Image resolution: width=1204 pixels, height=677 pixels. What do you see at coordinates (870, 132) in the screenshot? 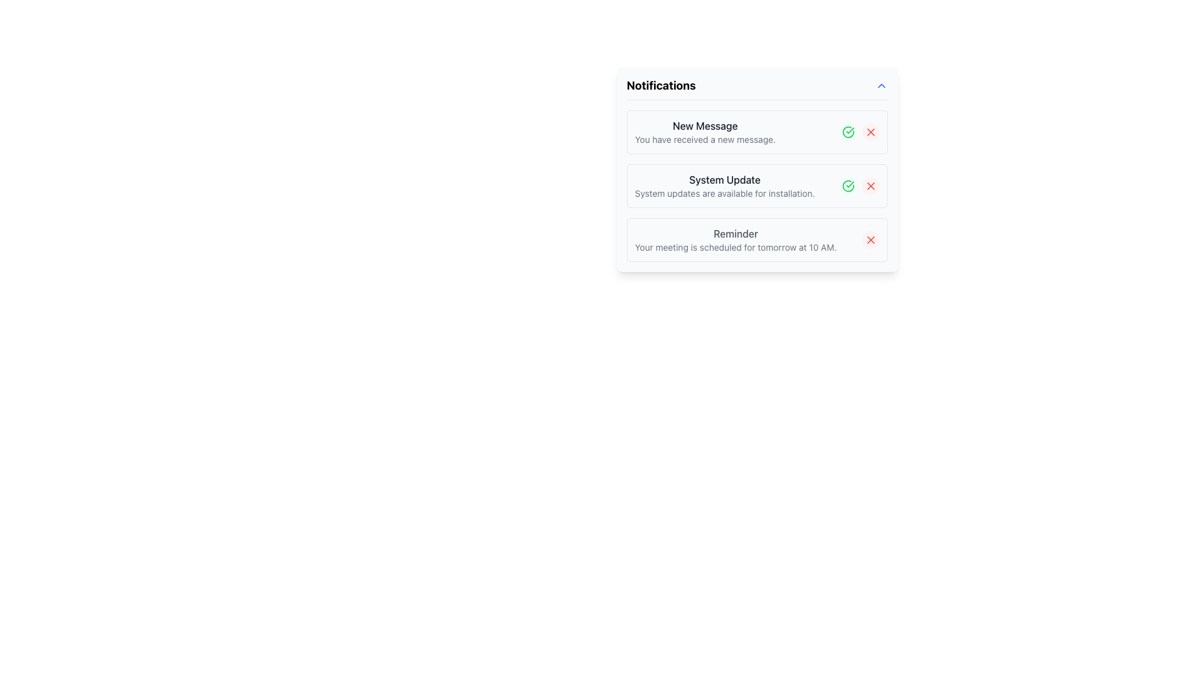
I see `the 'Delete Notification' button located at the far right of the top row in the notification list` at bounding box center [870, 132].